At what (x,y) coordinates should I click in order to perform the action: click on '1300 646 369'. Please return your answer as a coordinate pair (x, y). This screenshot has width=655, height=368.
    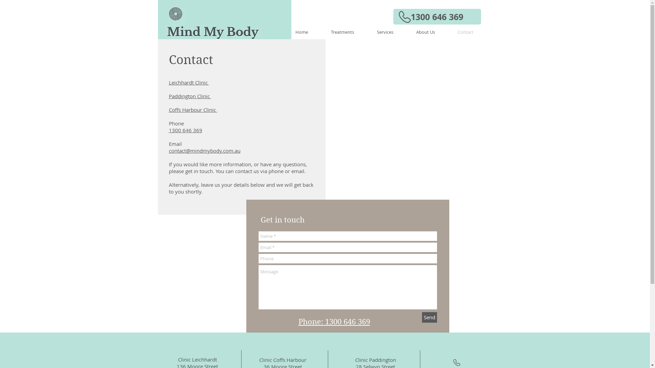
    Looking at the image, I should click on (393, 16).